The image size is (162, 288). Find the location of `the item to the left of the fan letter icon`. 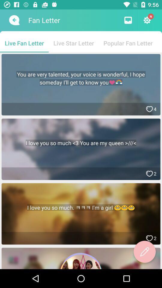

the item to the left of the fan letter icon is located at coordinates (13, 20).